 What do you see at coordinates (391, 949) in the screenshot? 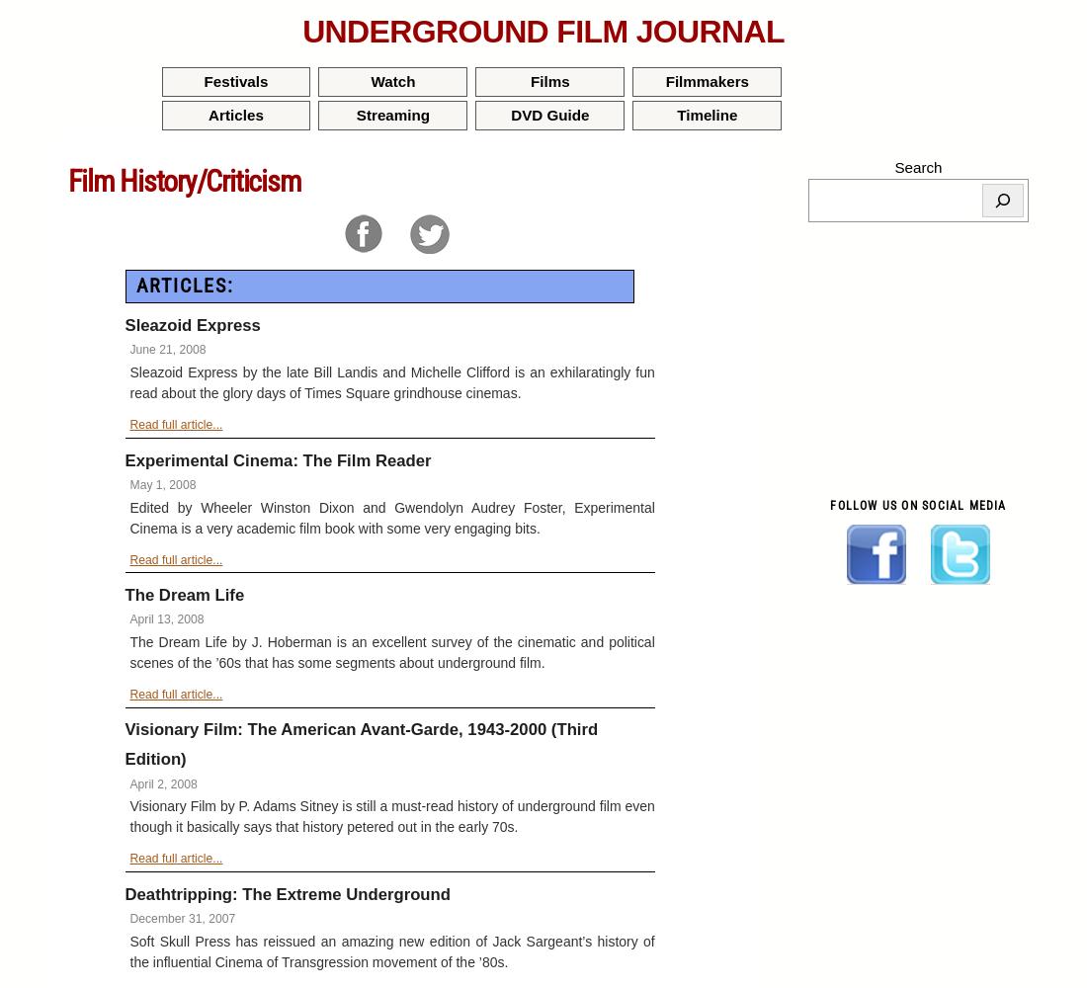
I see `'Soft Skull Press has reissued an amazing new edition of Jack Sargeant’s history of the influential Cinema of Transgression movement of the ’80s.'` at bounding box center [391, 949].